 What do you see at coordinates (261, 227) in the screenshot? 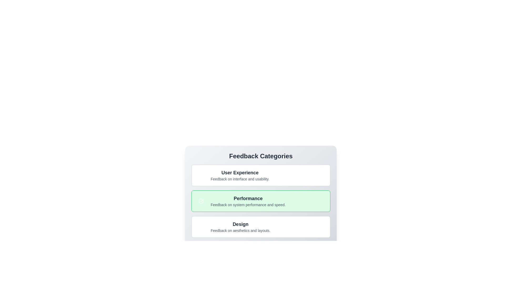
I see `the category Design to view its title and description` at bounding box center [261, 227].